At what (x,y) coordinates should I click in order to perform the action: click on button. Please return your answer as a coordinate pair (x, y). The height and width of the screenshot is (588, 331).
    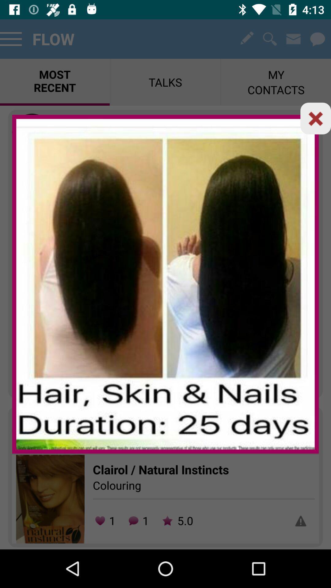
    Looking at the image, I should click on (316, 119).